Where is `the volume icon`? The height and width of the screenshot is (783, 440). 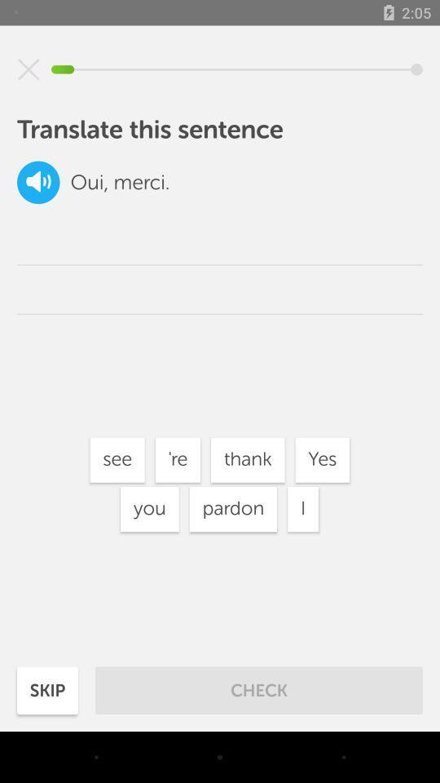
the volume icon is located at coordinates (38, 182).